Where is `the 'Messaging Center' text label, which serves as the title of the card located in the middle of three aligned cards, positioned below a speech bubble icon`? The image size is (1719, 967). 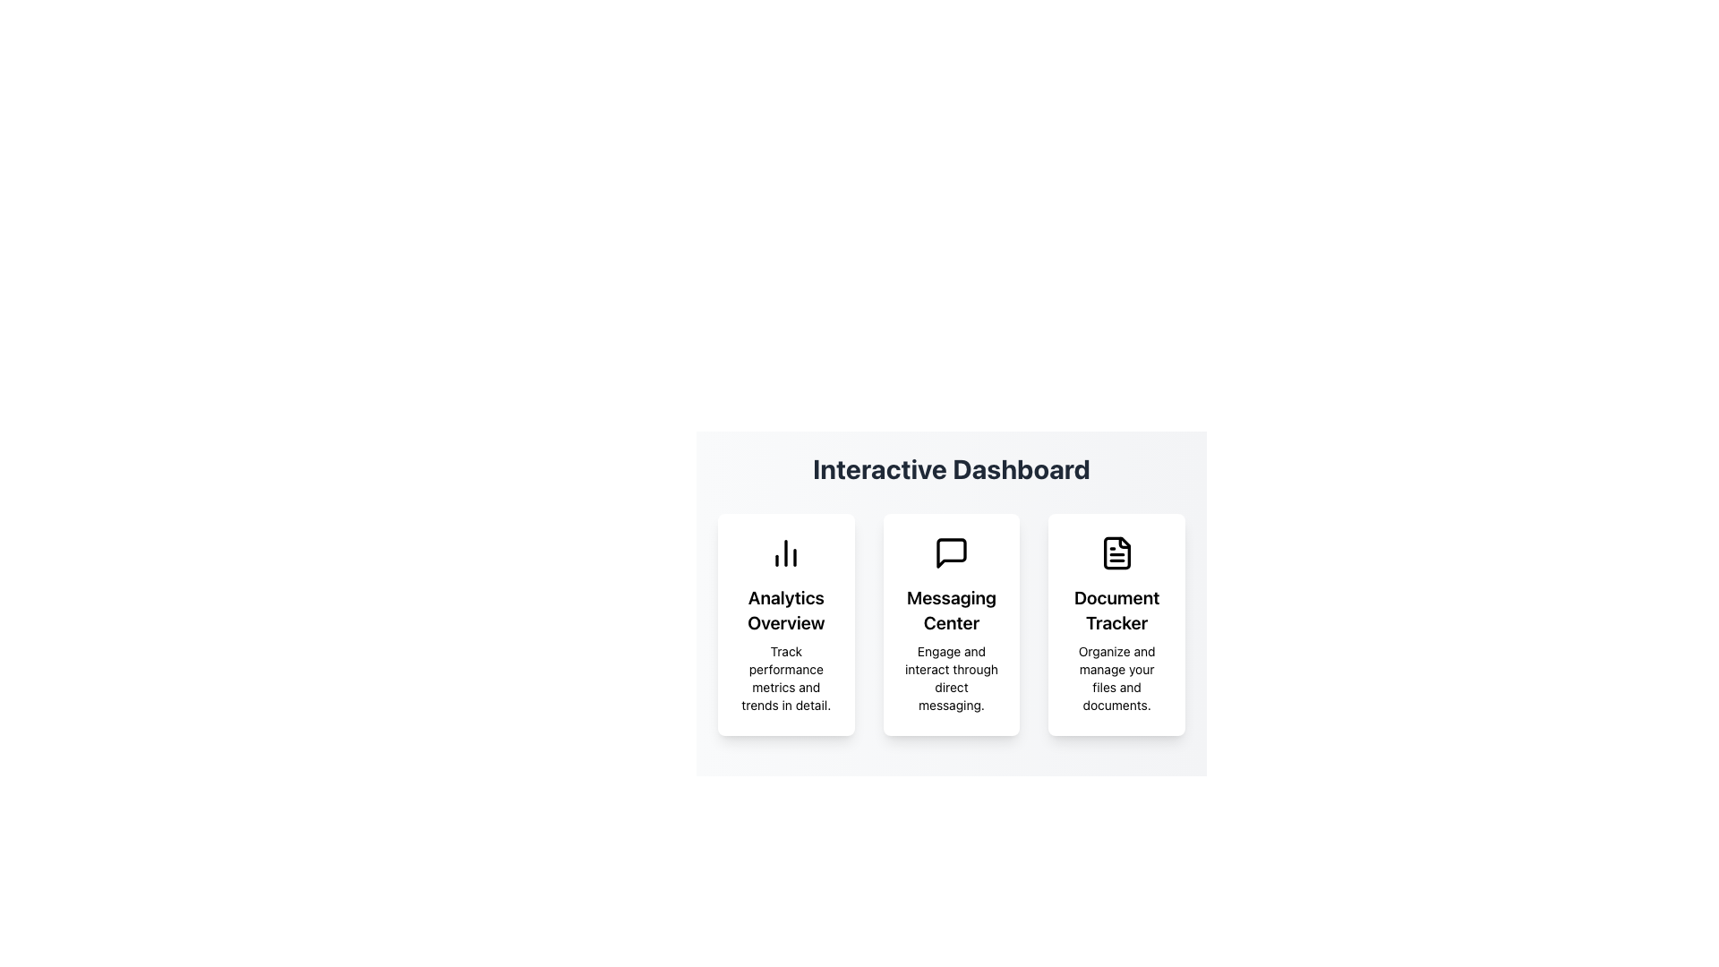
the 'Messaging Center' text label, which serves as the title of the card located in the middle of three aligned cards, positioned below a speech bubble icon is located at coordinates (950, 610).